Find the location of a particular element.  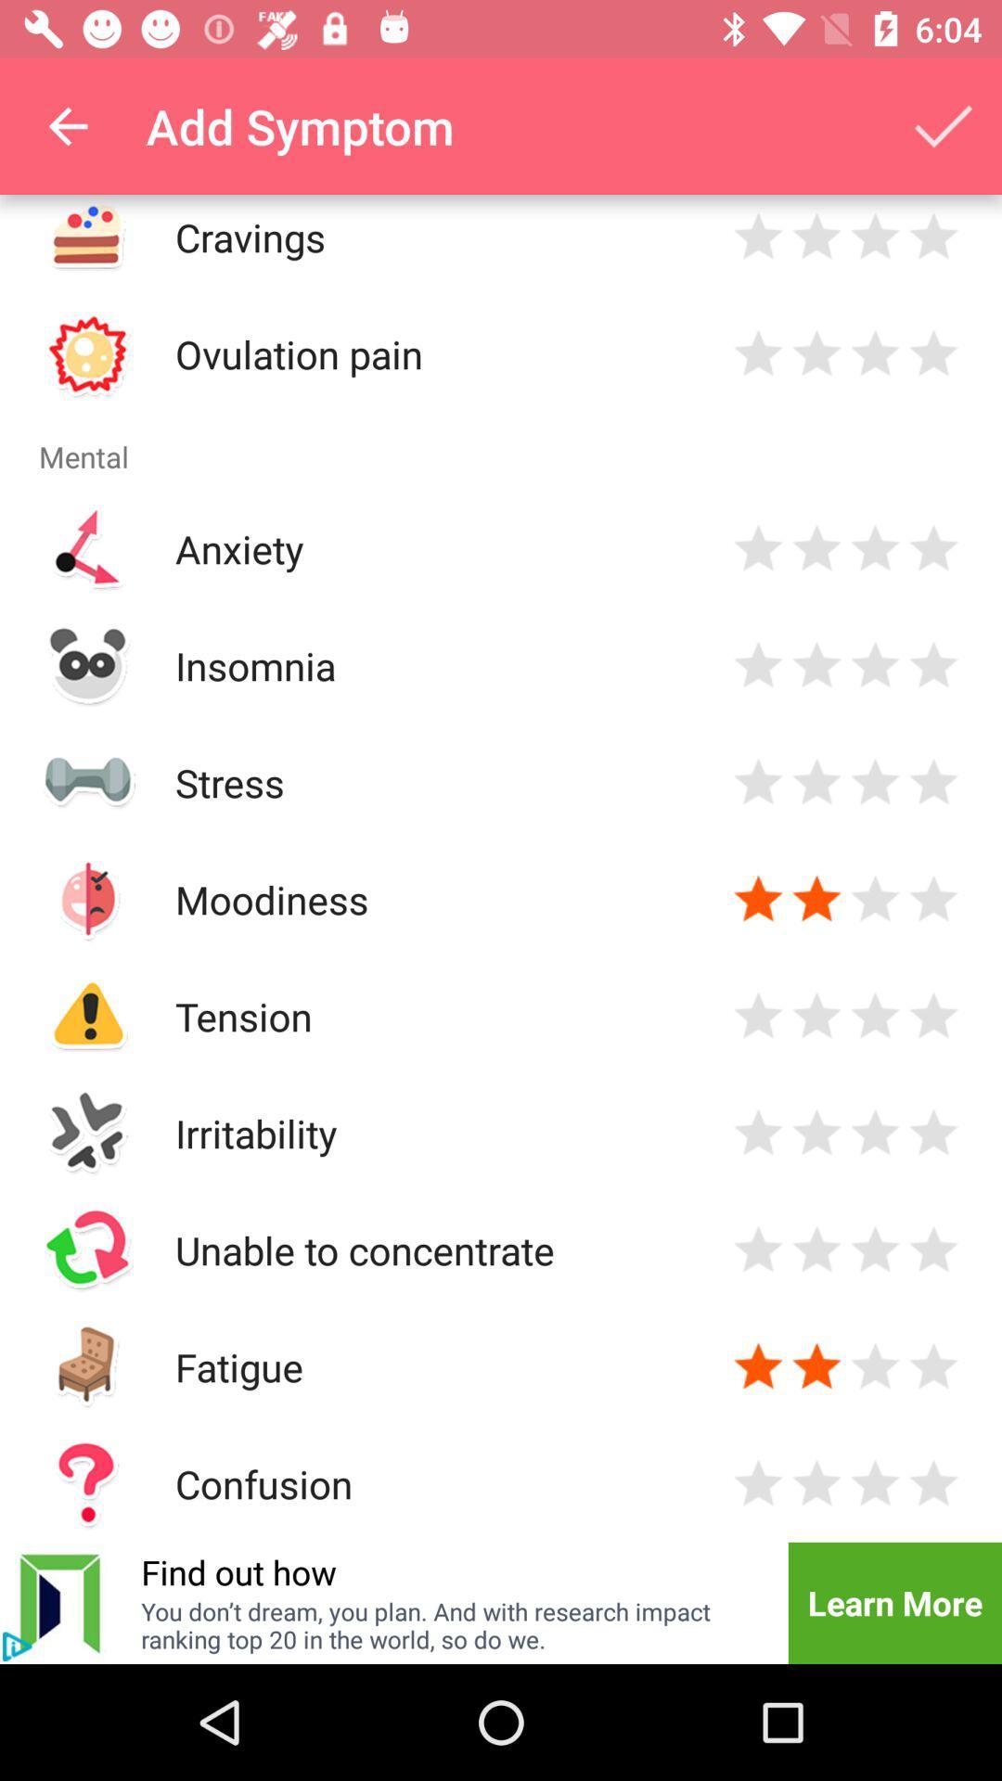

rate symptom 3 stars is located at coordinates (875, 236).